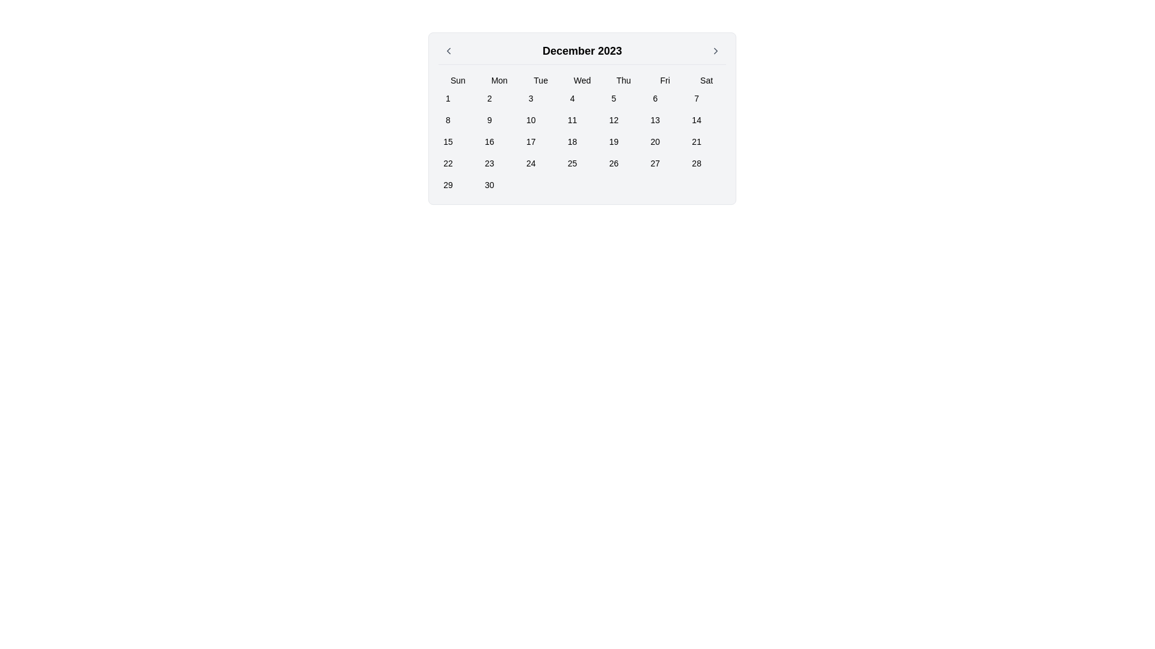  What do you see at coordinates (697, 120) in the screenshot?
I see `the selectable date button for the 14th of December in the calendar interface under the label 'December 2023'` at bounding box center [697, 120].